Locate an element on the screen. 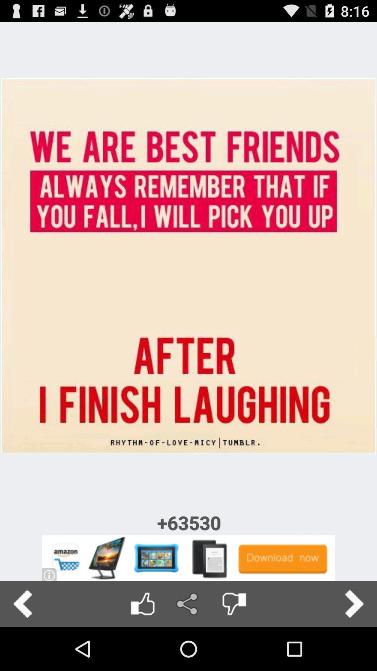  previous page is located at coordinates (22, 604).